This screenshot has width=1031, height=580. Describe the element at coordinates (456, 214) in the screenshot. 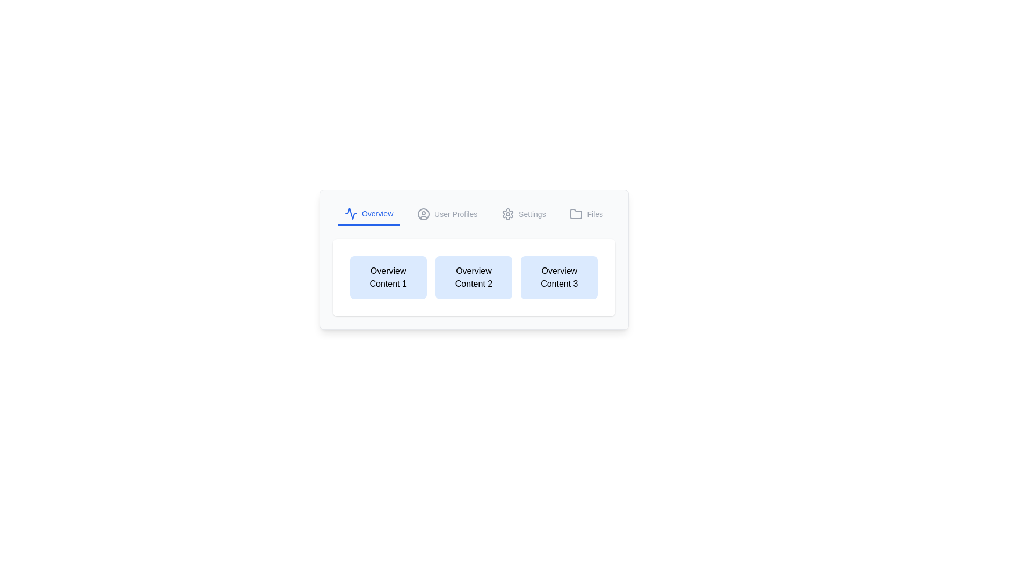

I see `the 'User Profiles' navigation link` at that location.